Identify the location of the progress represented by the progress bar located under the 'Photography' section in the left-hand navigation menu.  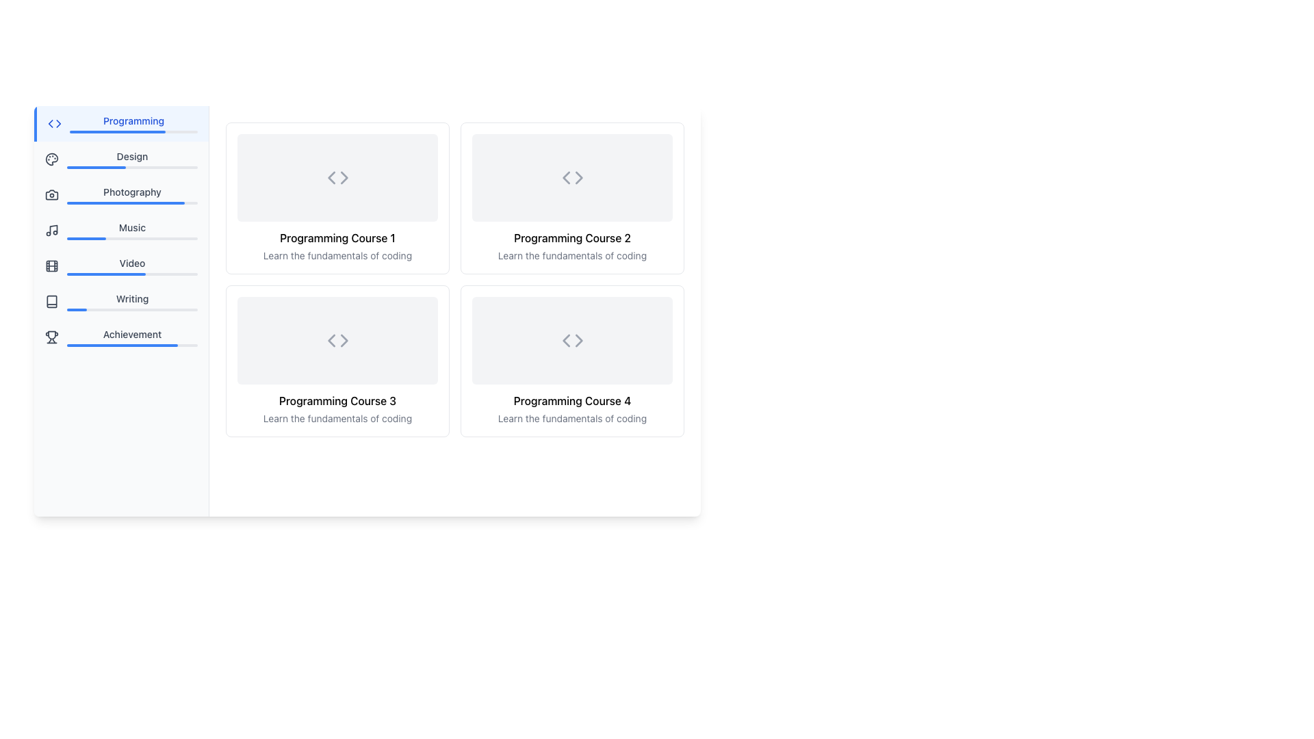
(132, 203).